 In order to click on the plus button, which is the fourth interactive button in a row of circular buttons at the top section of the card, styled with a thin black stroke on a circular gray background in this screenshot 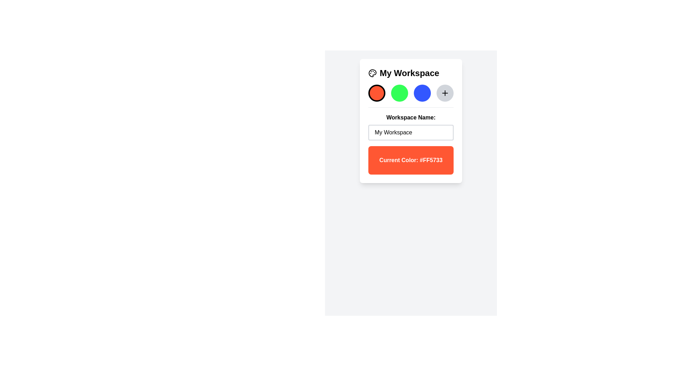, I will do `click(444, 93)`.